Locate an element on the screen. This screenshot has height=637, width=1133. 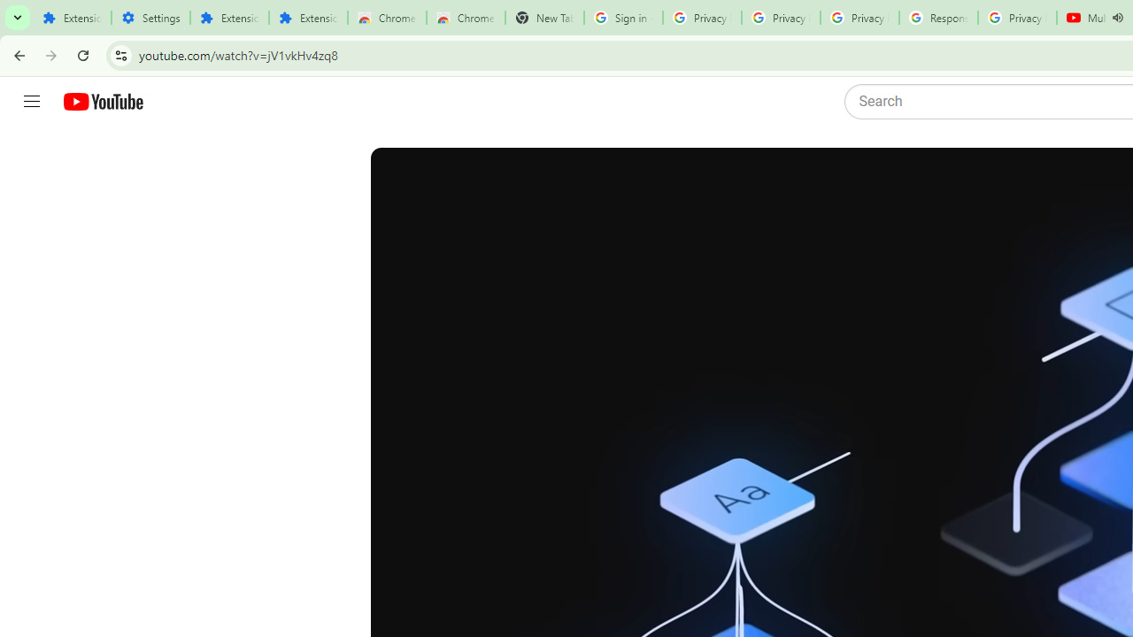
'Chrome Web Store' is located at coordinates (386, 18).